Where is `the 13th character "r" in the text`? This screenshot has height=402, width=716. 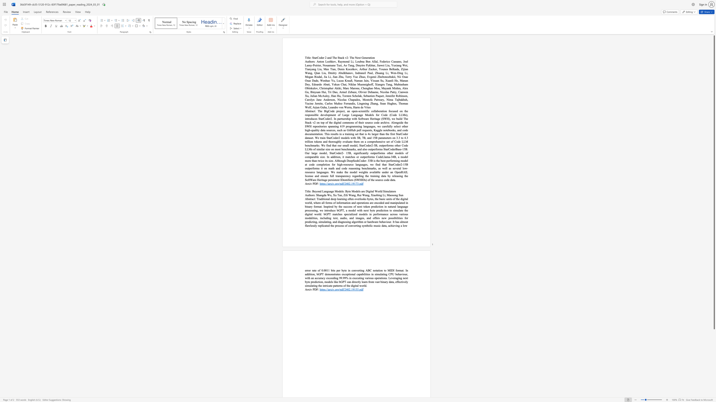
the 13th character "r" in the text is located at coordinates (347, 80).